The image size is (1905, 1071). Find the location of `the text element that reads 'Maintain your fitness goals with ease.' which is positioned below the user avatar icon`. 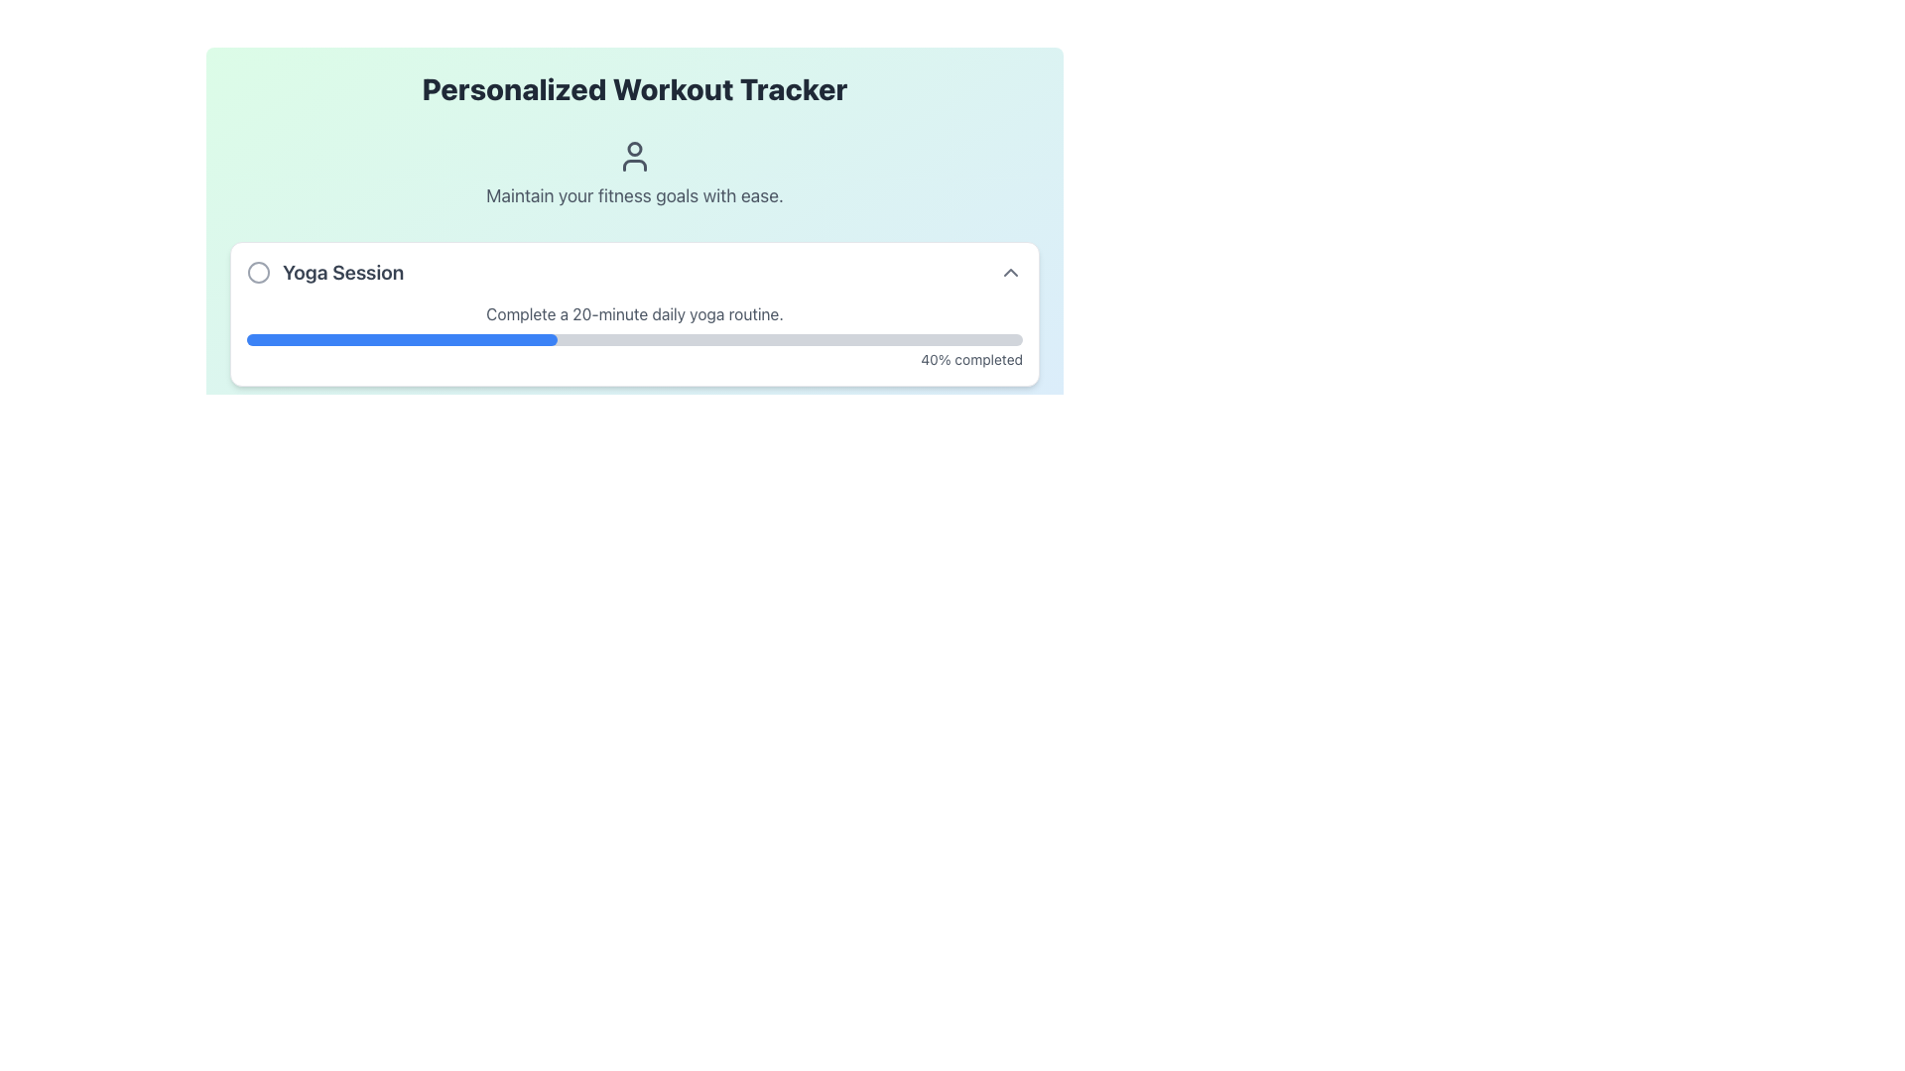

the text element that reads 'Maintain your fitness goals with ease.' which is positioned below the user avatar icon is located at coordinates (633, 195).